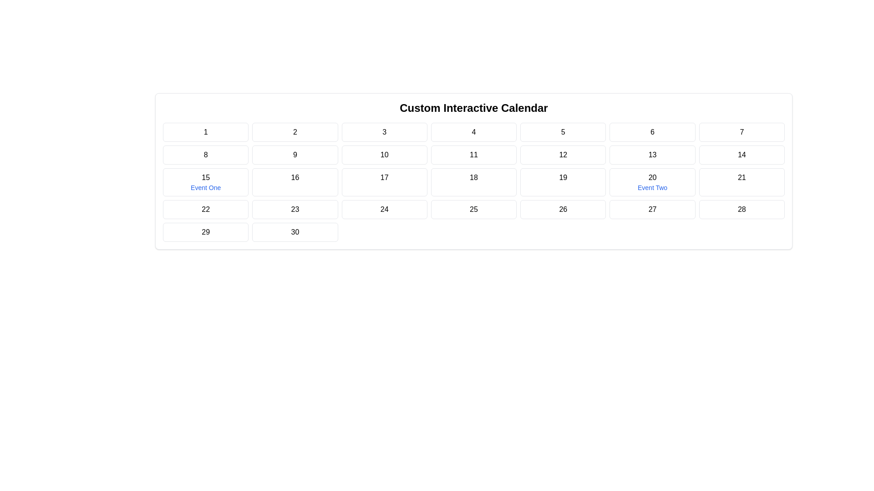 This screenshot has height=491, width=874. I want to click on the calendar day box displaying the number '24', which is positioned in the grid layout as the seventh item in the fifth row, between '23' and '25', so click(384, 210).